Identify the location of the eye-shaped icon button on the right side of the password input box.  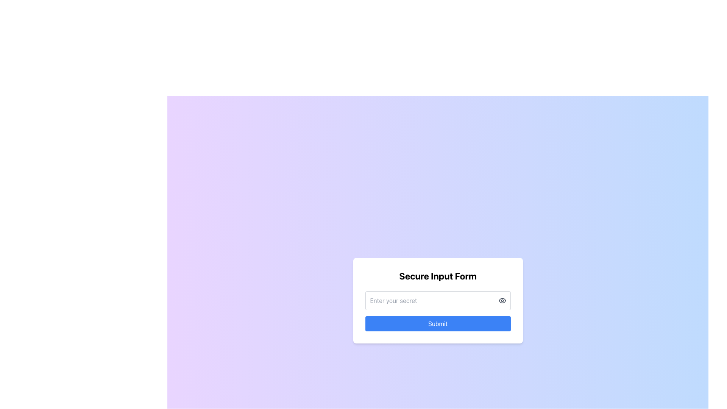
(502, 300).